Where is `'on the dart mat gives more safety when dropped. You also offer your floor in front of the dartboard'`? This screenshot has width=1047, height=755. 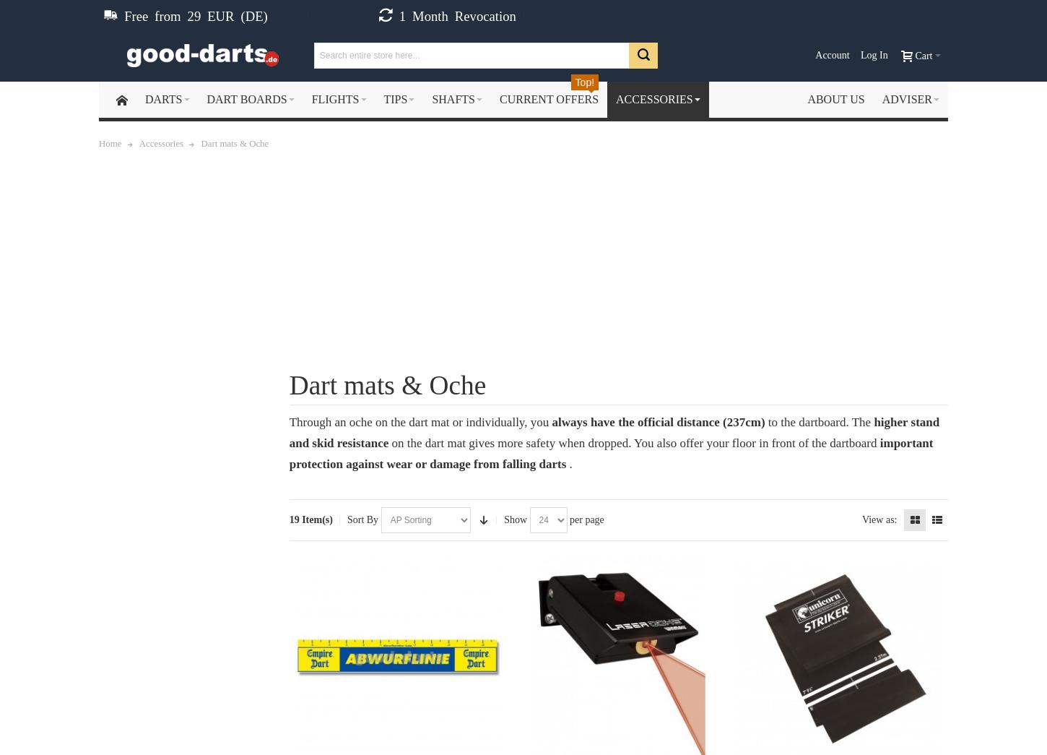 'on the dart mat gives more safety when dropped. You also offer your floor in front of the dartboard' is located at coordinates (635, 441).